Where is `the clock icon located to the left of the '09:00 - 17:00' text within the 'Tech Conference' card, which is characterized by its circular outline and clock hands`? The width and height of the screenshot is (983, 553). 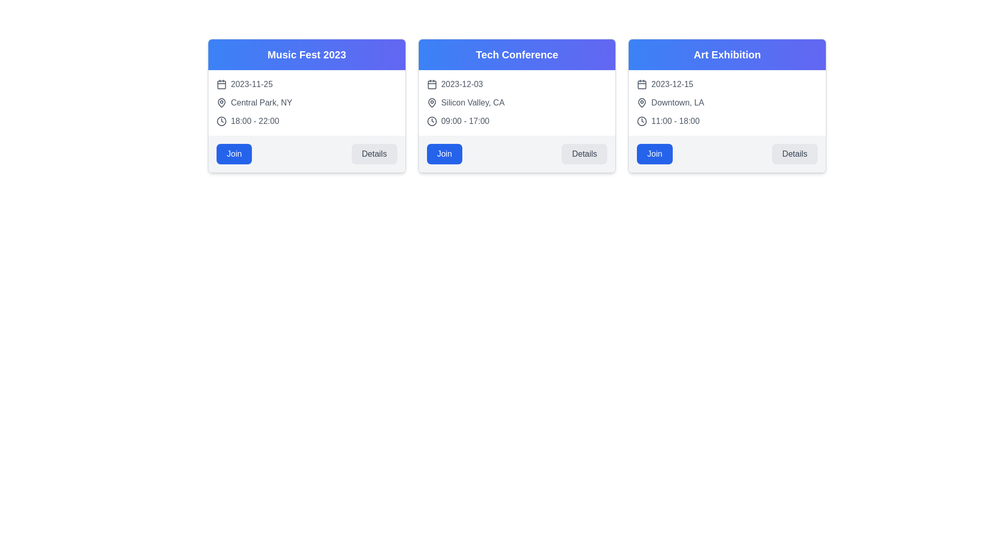
the clock icon located to the left of the '09:00 - 17:00' text within the 'Tech Conference' card, which is characterized by its circular outline and clock hands is located at coordinates (432, 120).